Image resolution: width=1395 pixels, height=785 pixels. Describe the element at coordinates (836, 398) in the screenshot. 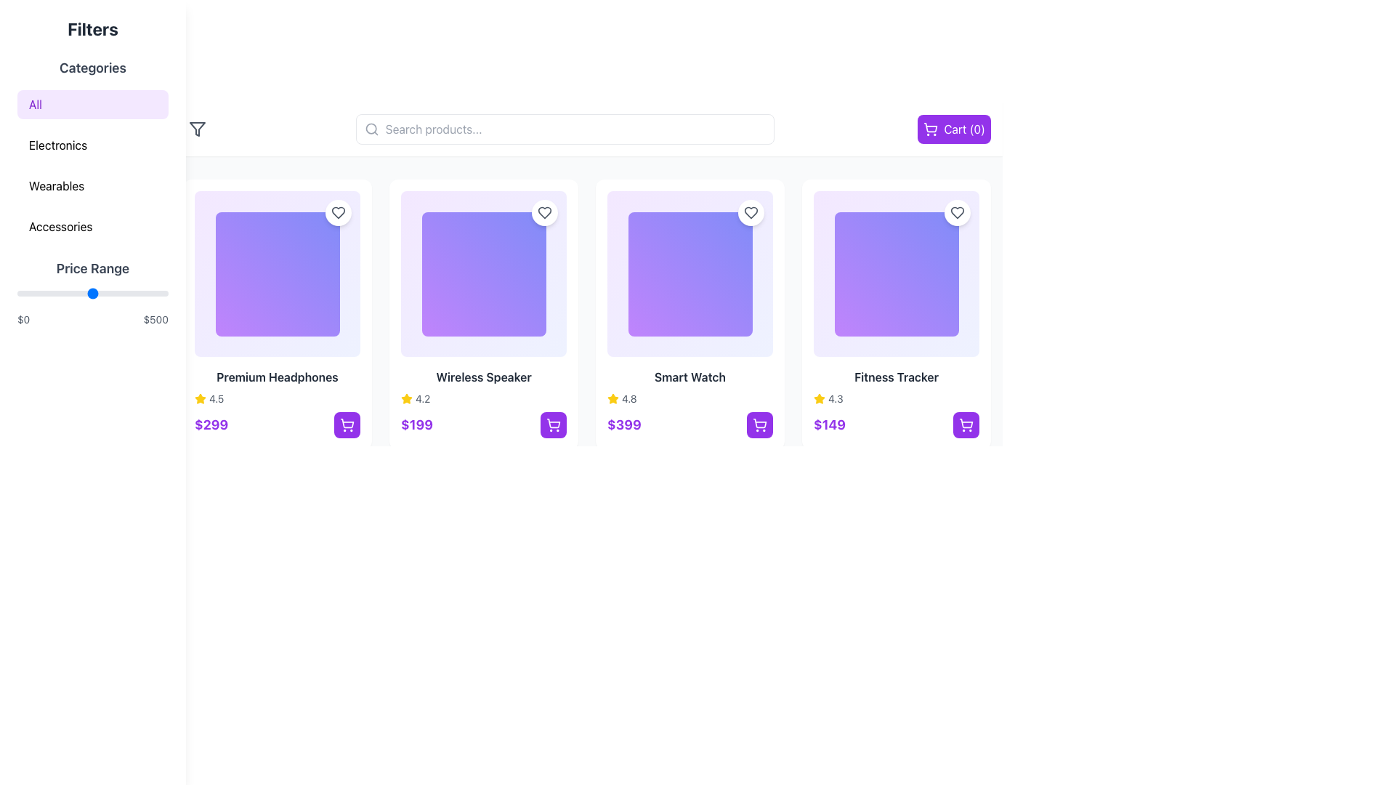

I see `the text component that displays the rating value for the 'Fitness Tracker' product, located in the fourth column of the product listing grid, next to the yellow star icon` at that location.